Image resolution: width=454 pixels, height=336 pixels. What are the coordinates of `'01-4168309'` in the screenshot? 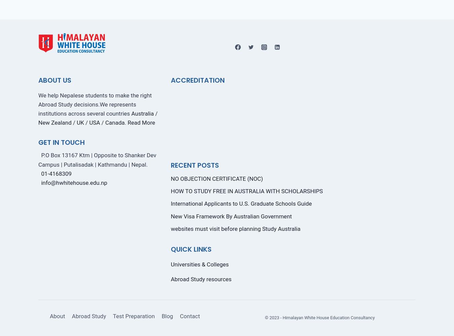 It's located at (56, 173).